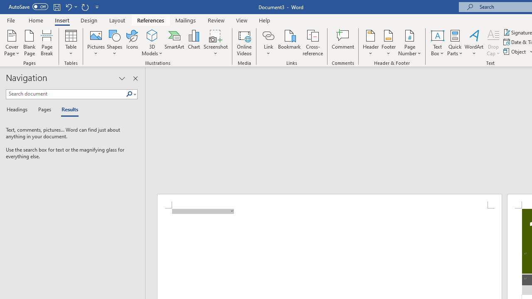 The image size is (532, 299). Describe the element at coordinates (68, 7) in the screenshot. I see `'Undo New Page'` at that location.